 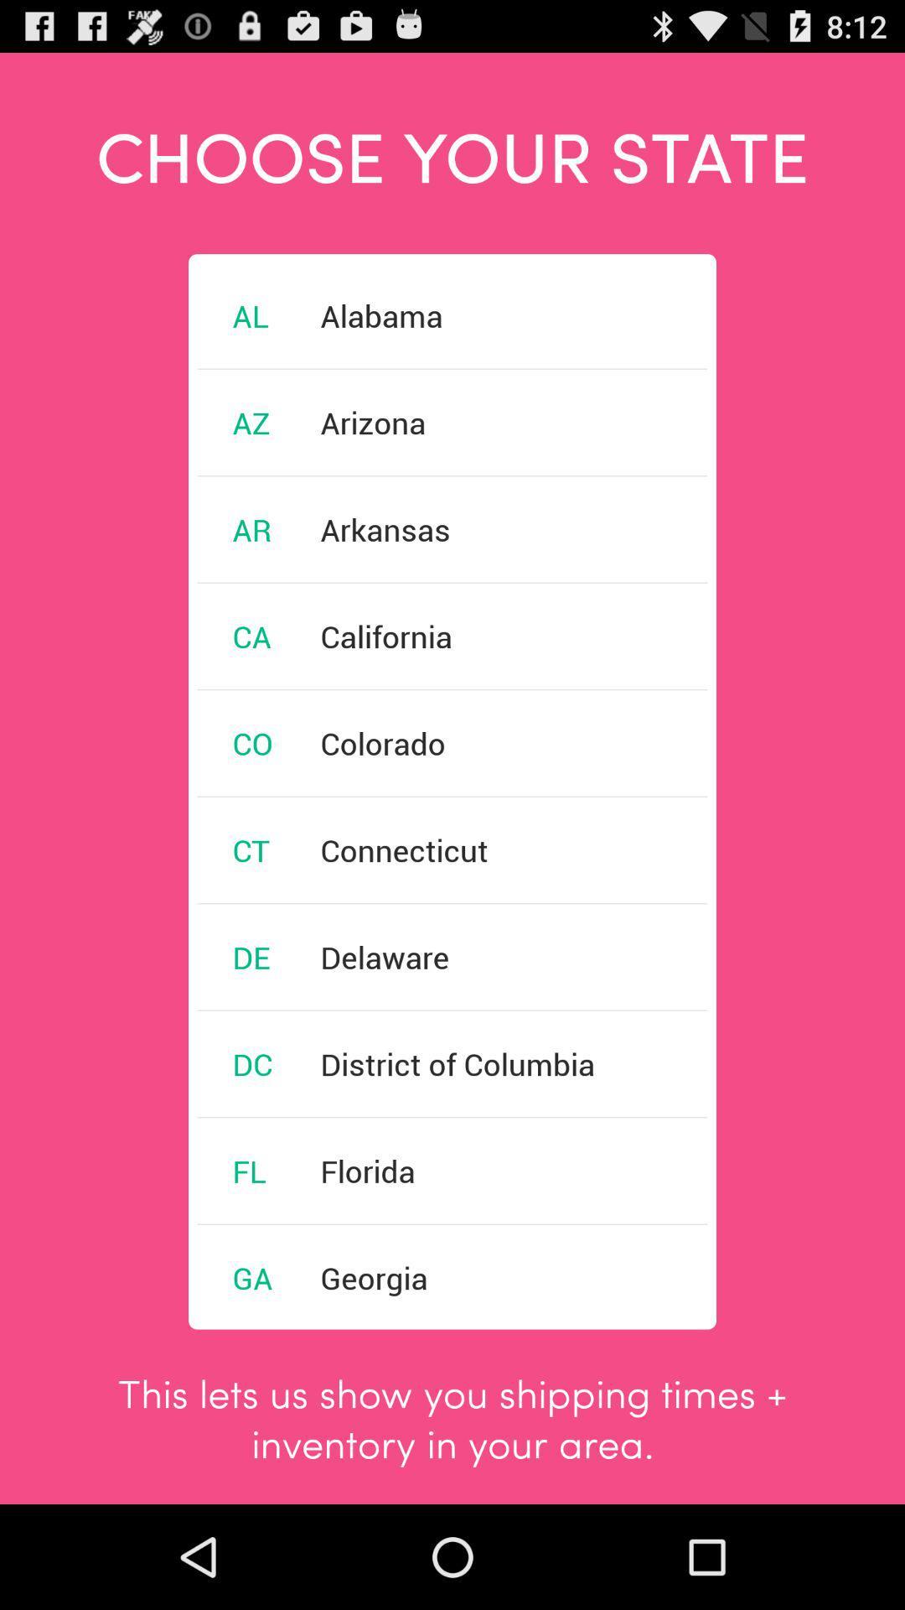 What do you see at coordinates (251, 635) in the screenshot?
I see `the item above the co item` at bounding box center [251, 635].